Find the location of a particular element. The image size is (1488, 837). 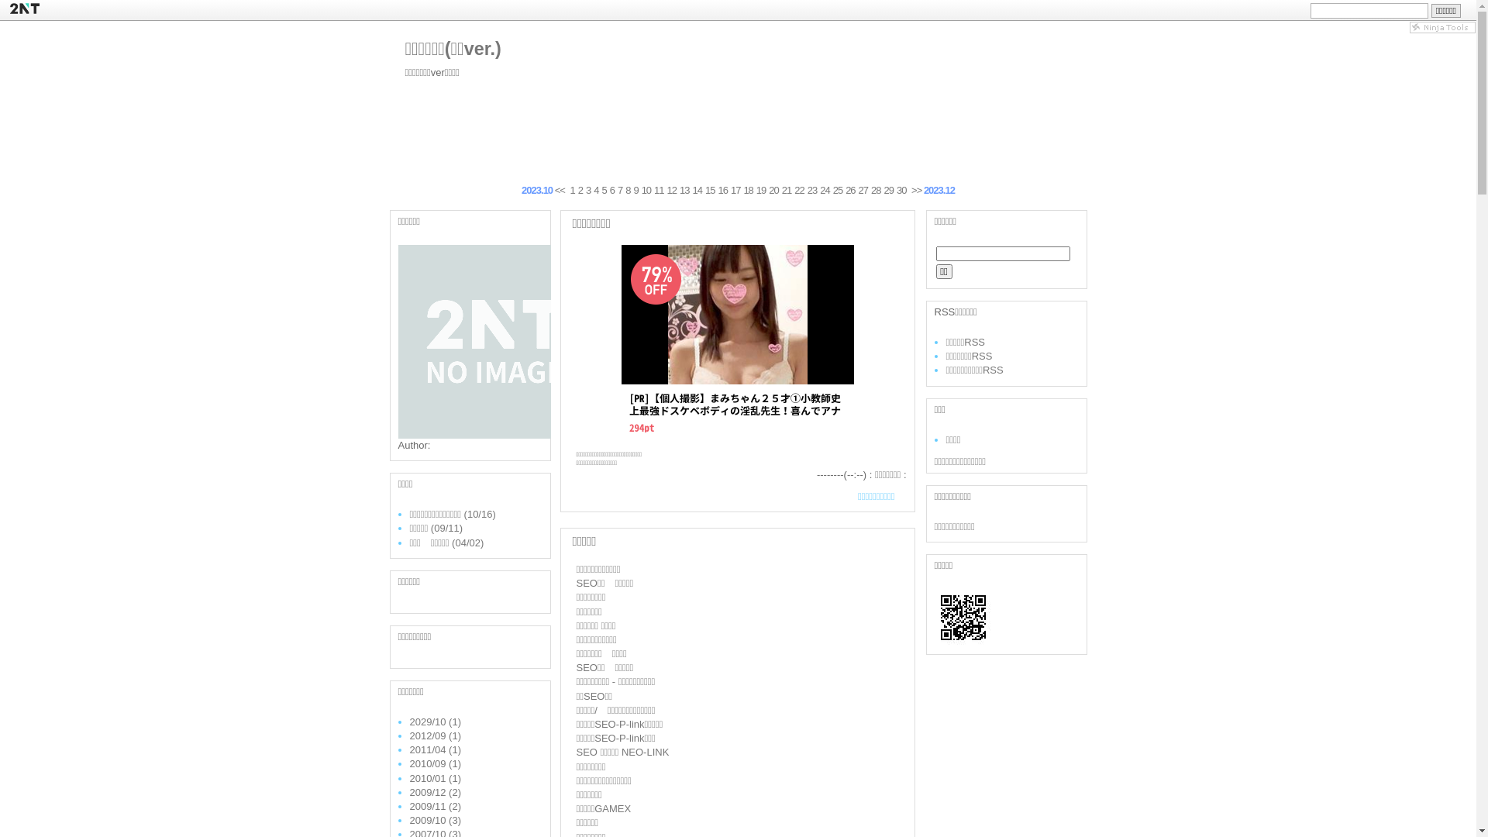

'2010/01 (1)' is located at coordinates (409, 777).